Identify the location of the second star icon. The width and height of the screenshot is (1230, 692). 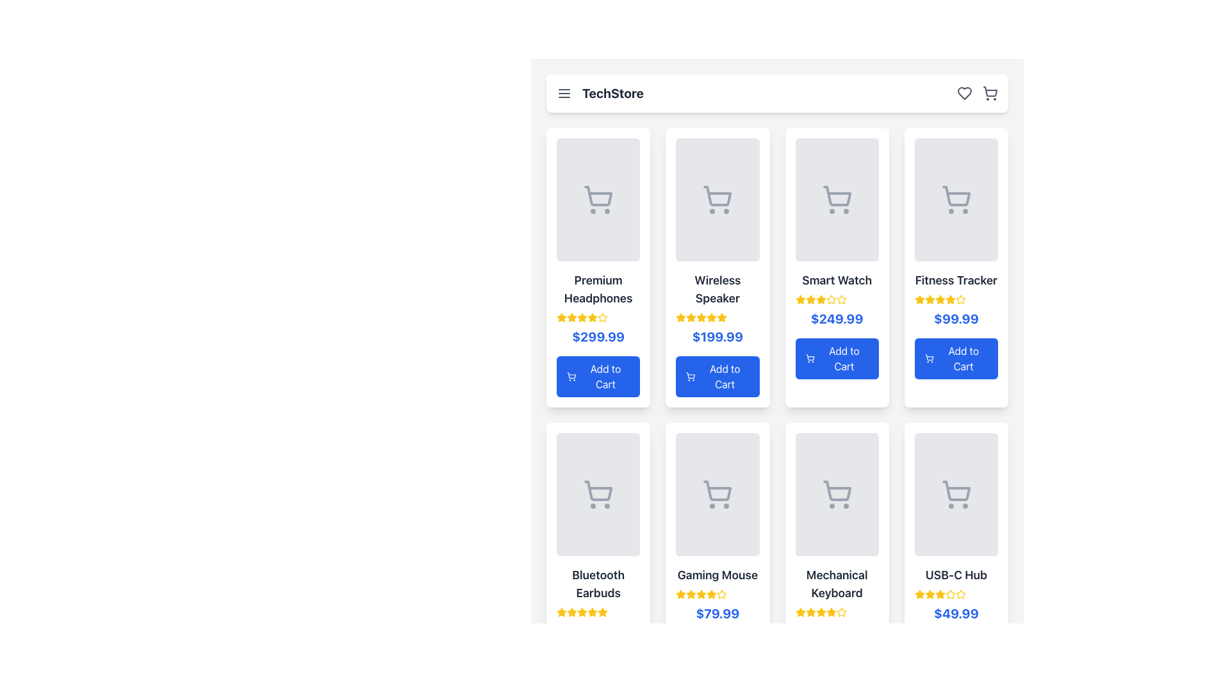
(810, 299).